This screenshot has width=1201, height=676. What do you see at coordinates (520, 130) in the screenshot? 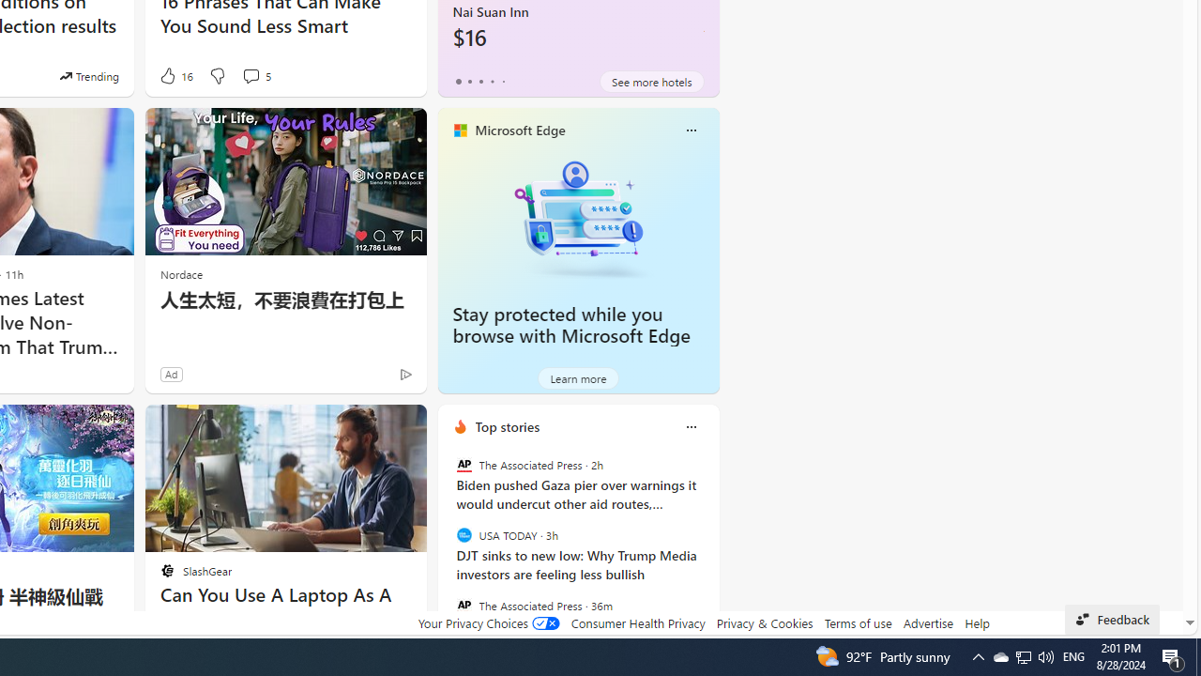
I see `'Microsoft Edge'` at bounding box center [520, 130].